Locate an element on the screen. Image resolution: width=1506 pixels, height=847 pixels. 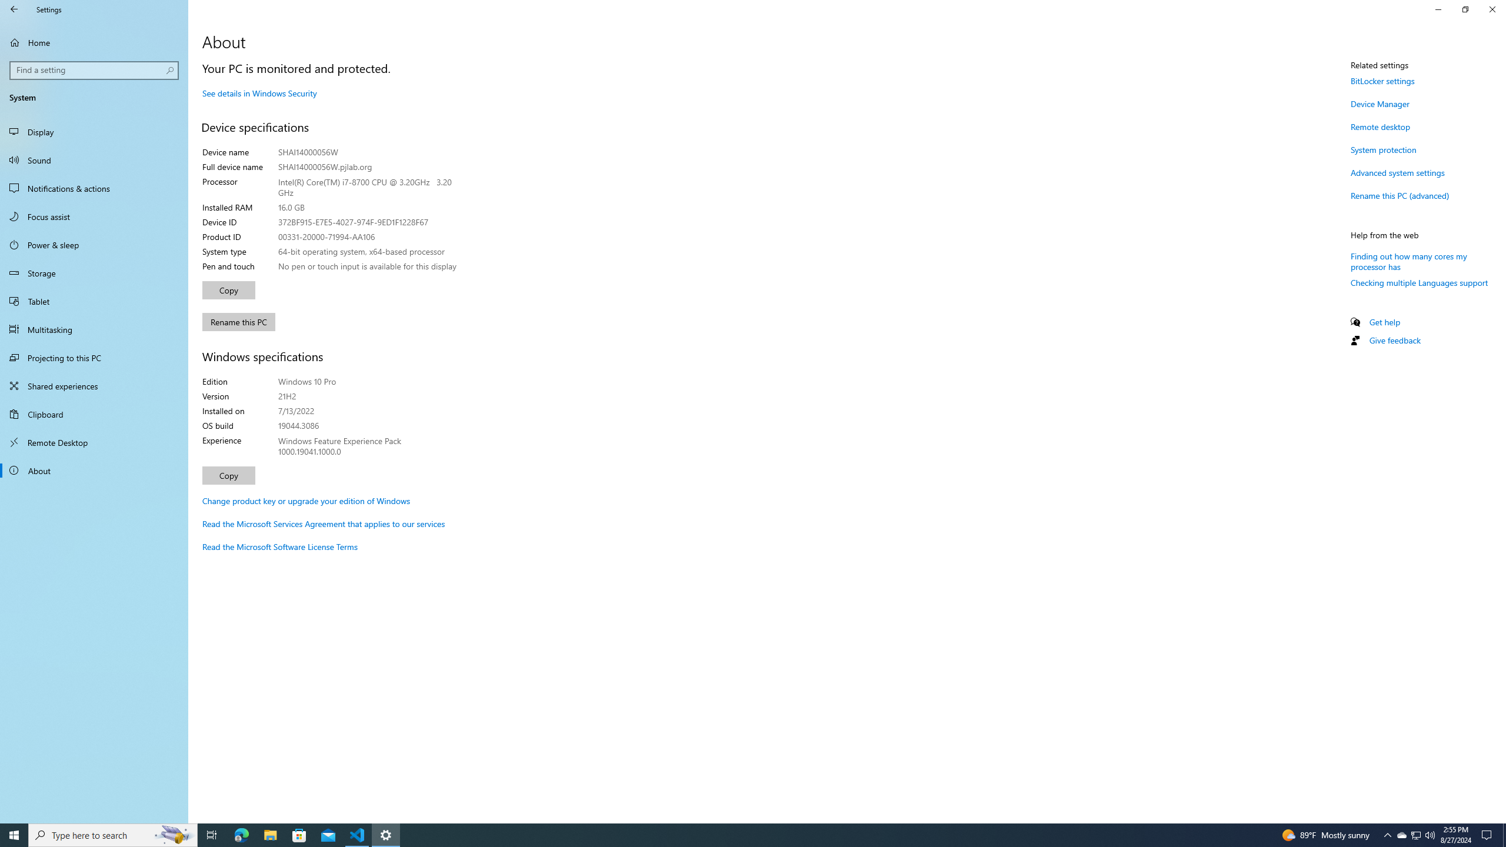
'Close Settings' is located at coordinates (1491, 9).